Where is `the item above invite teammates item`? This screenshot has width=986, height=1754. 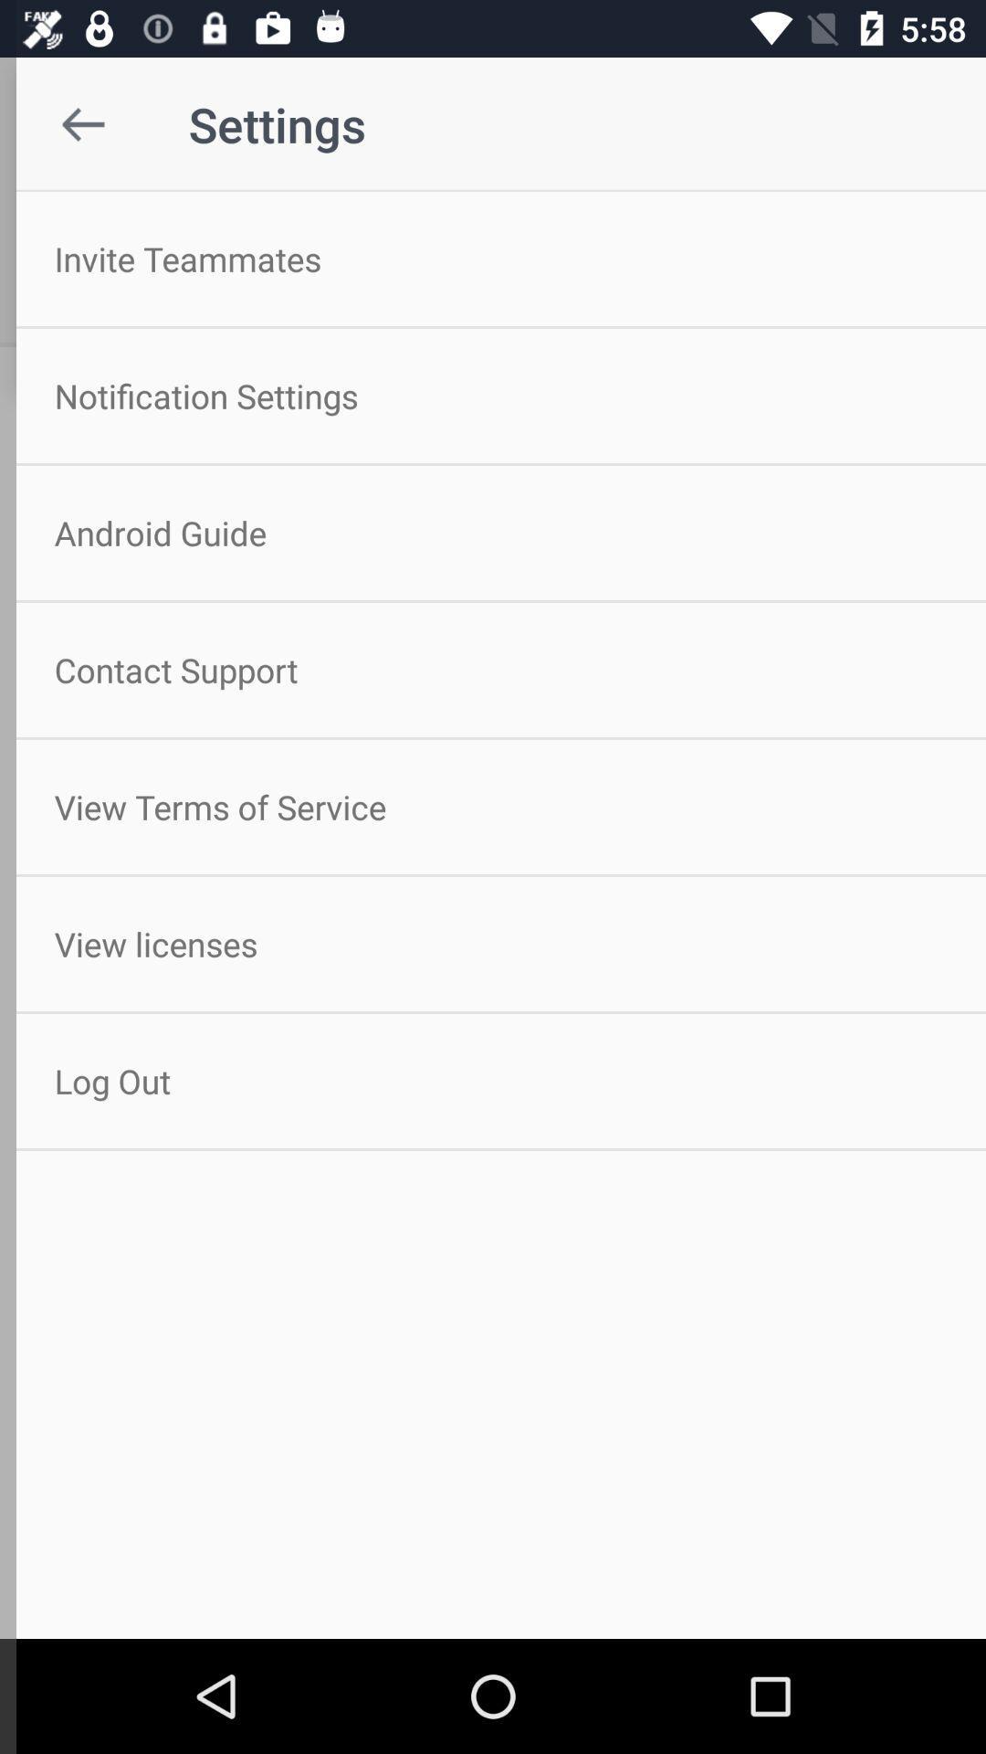
the item above invite teammates item is located at coordinates (66, 123).